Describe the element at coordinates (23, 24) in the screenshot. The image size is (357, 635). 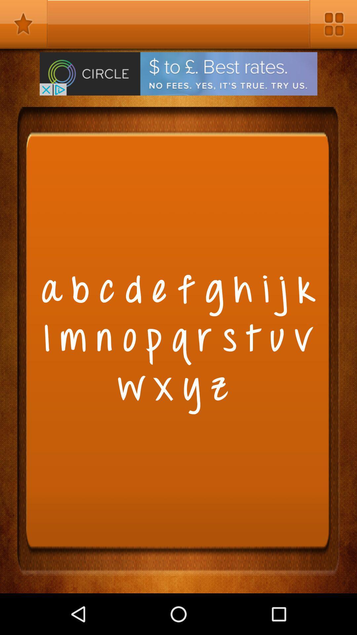
I see `bookmark page` at that location.